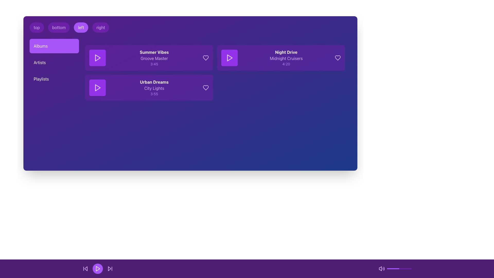  What do you see at coordinates (154, 87) in the screenshot?
I see `the text block that conveys information about the music track titled 'Urban Dreams', including its subtitle 'City Lights' and duration '3:55'` at bounding box center [154, 87].